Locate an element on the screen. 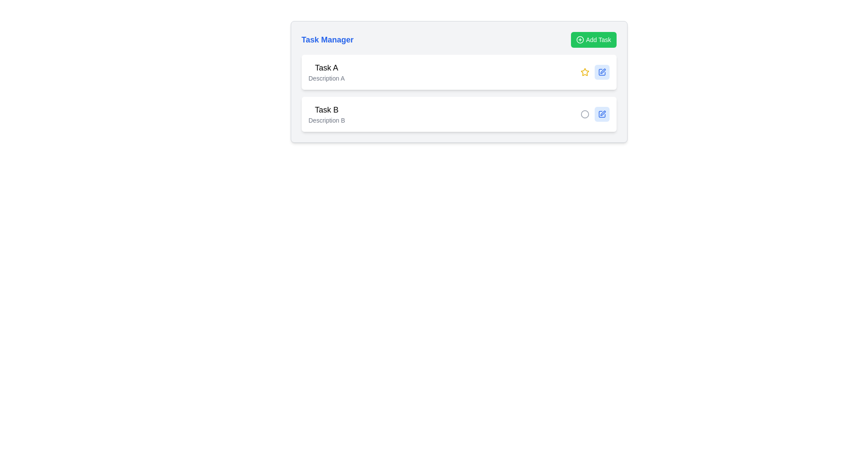 This screenshot has height=473, width=842. the text label displaying 'Task A' is located at coordinates (326, 67).